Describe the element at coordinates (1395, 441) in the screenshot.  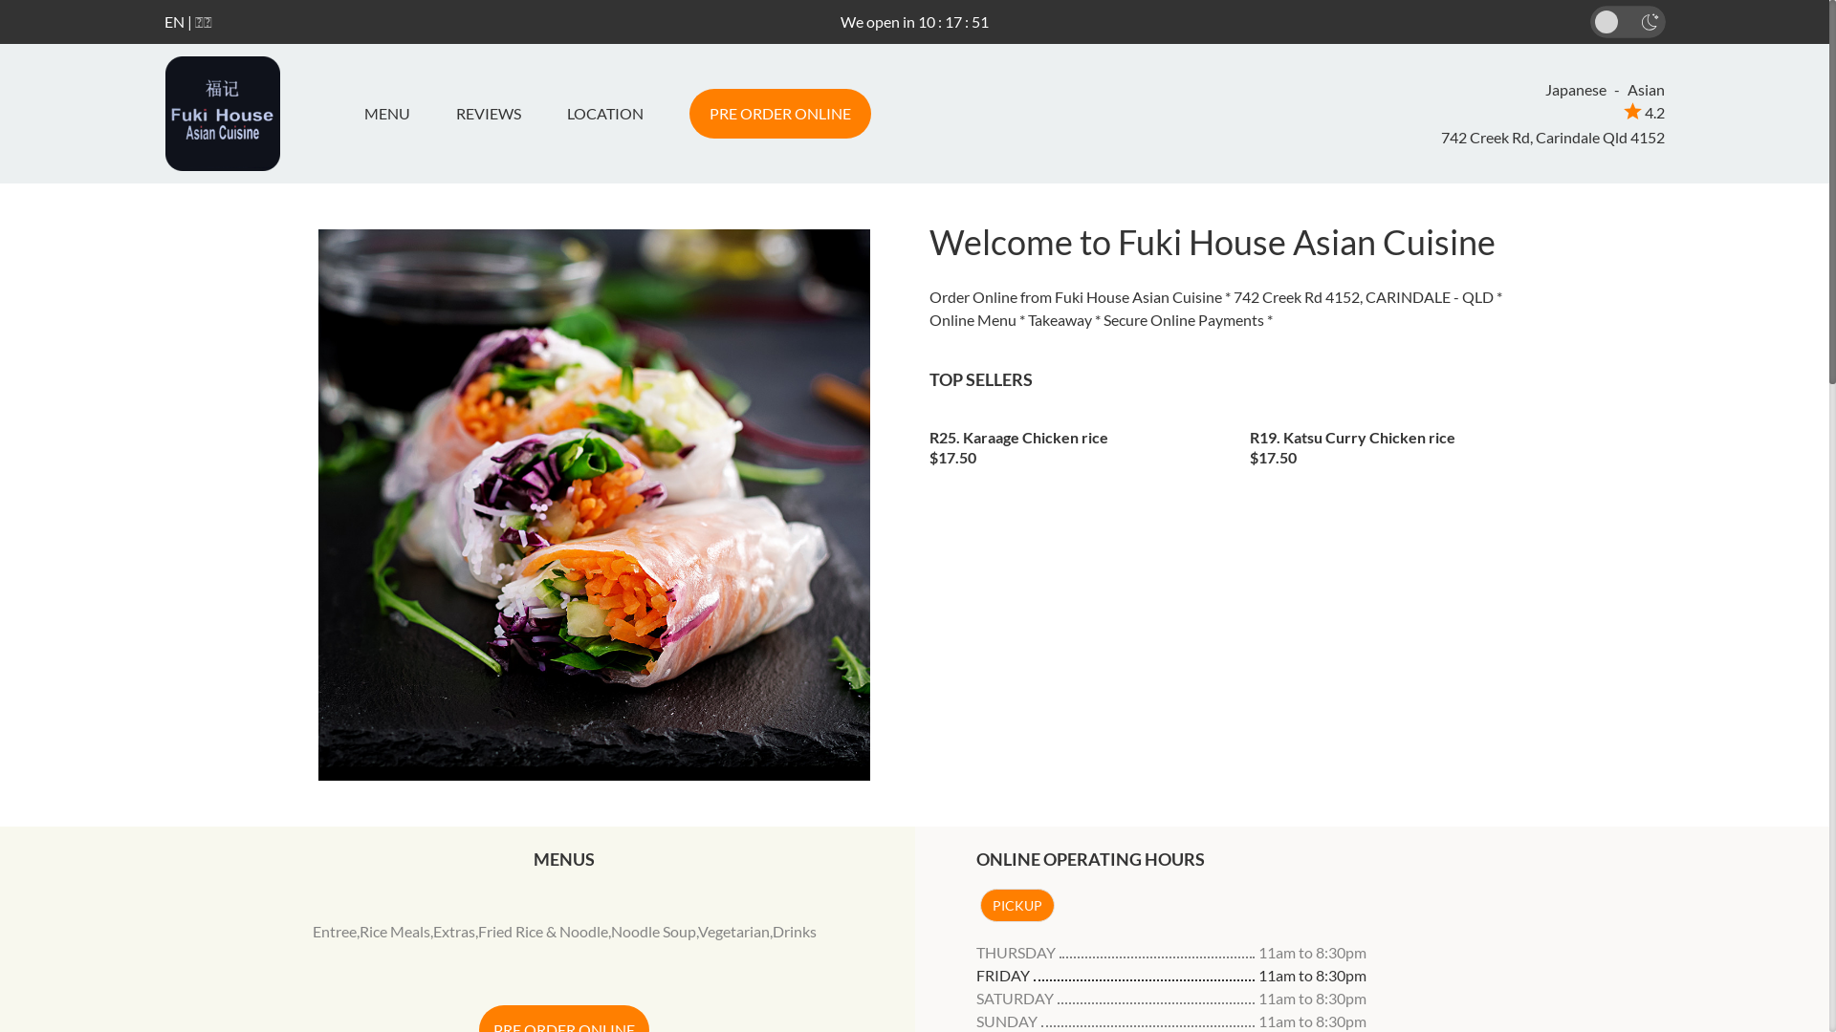
I see `'R19. Katsu Curry Chicken rice` at that location.